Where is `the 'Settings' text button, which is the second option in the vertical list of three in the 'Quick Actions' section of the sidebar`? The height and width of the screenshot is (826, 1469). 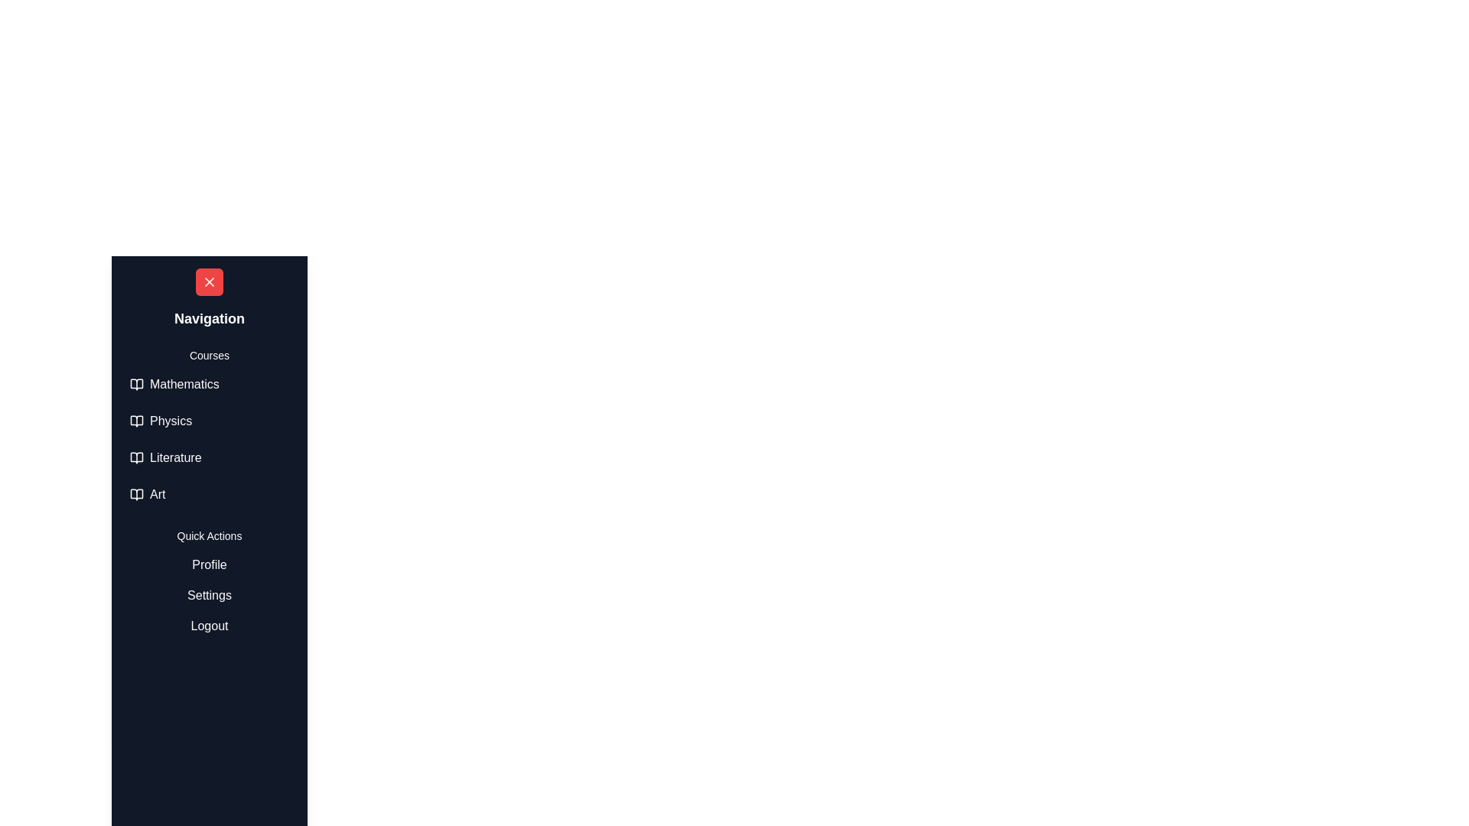 the 'Settings' text button, which is the second option in the vertical list of three in the 'Quick Actions' section of the sidebar is located at coordinates (208, 595).